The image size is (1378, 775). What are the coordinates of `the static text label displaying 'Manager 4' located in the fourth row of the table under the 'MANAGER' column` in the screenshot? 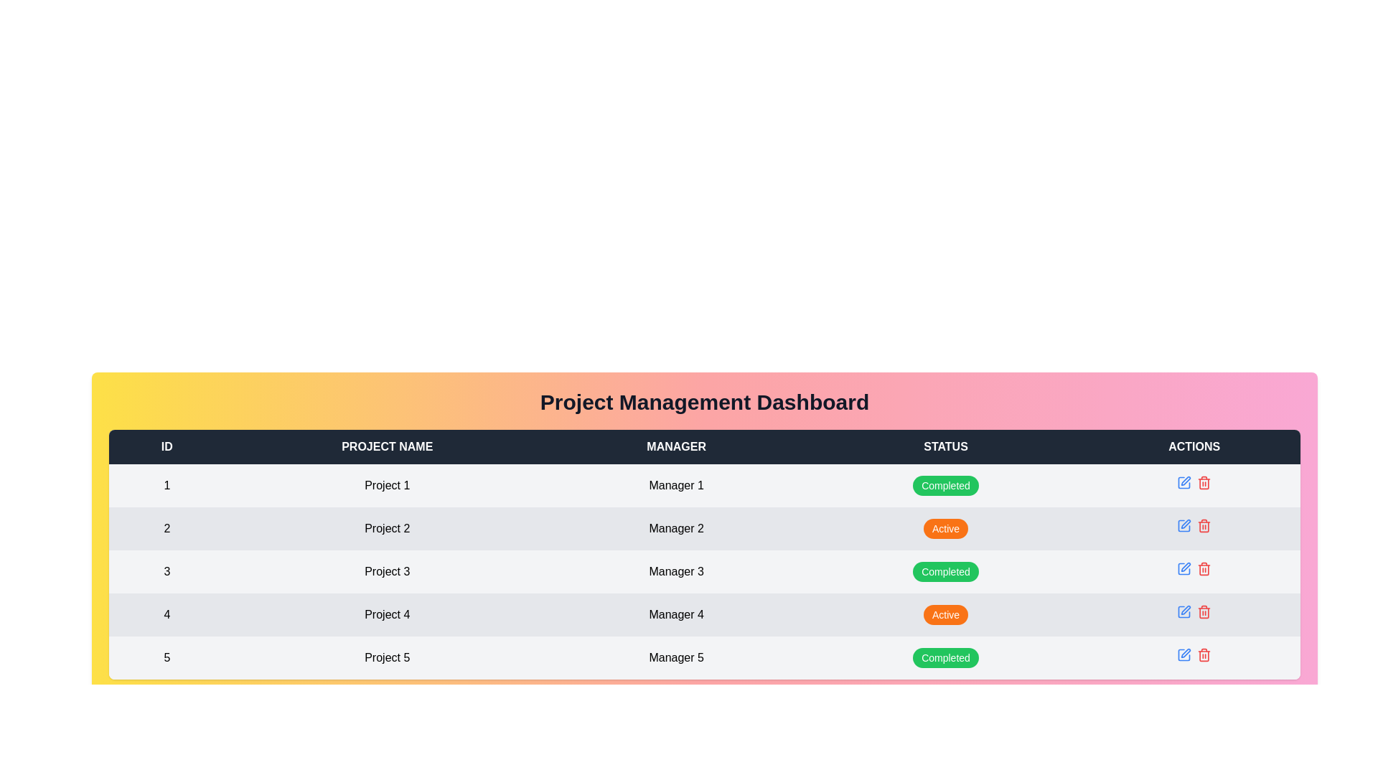 It's located at (675, 614).